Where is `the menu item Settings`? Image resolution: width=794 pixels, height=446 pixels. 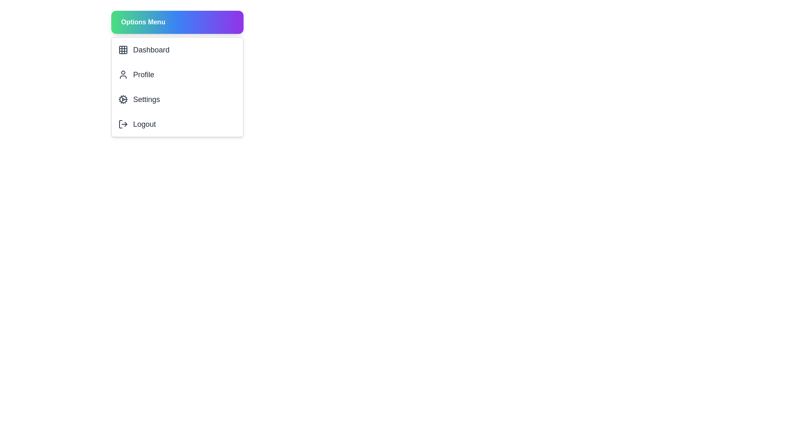 the menu item Settings is located at coordinates (177, 99).